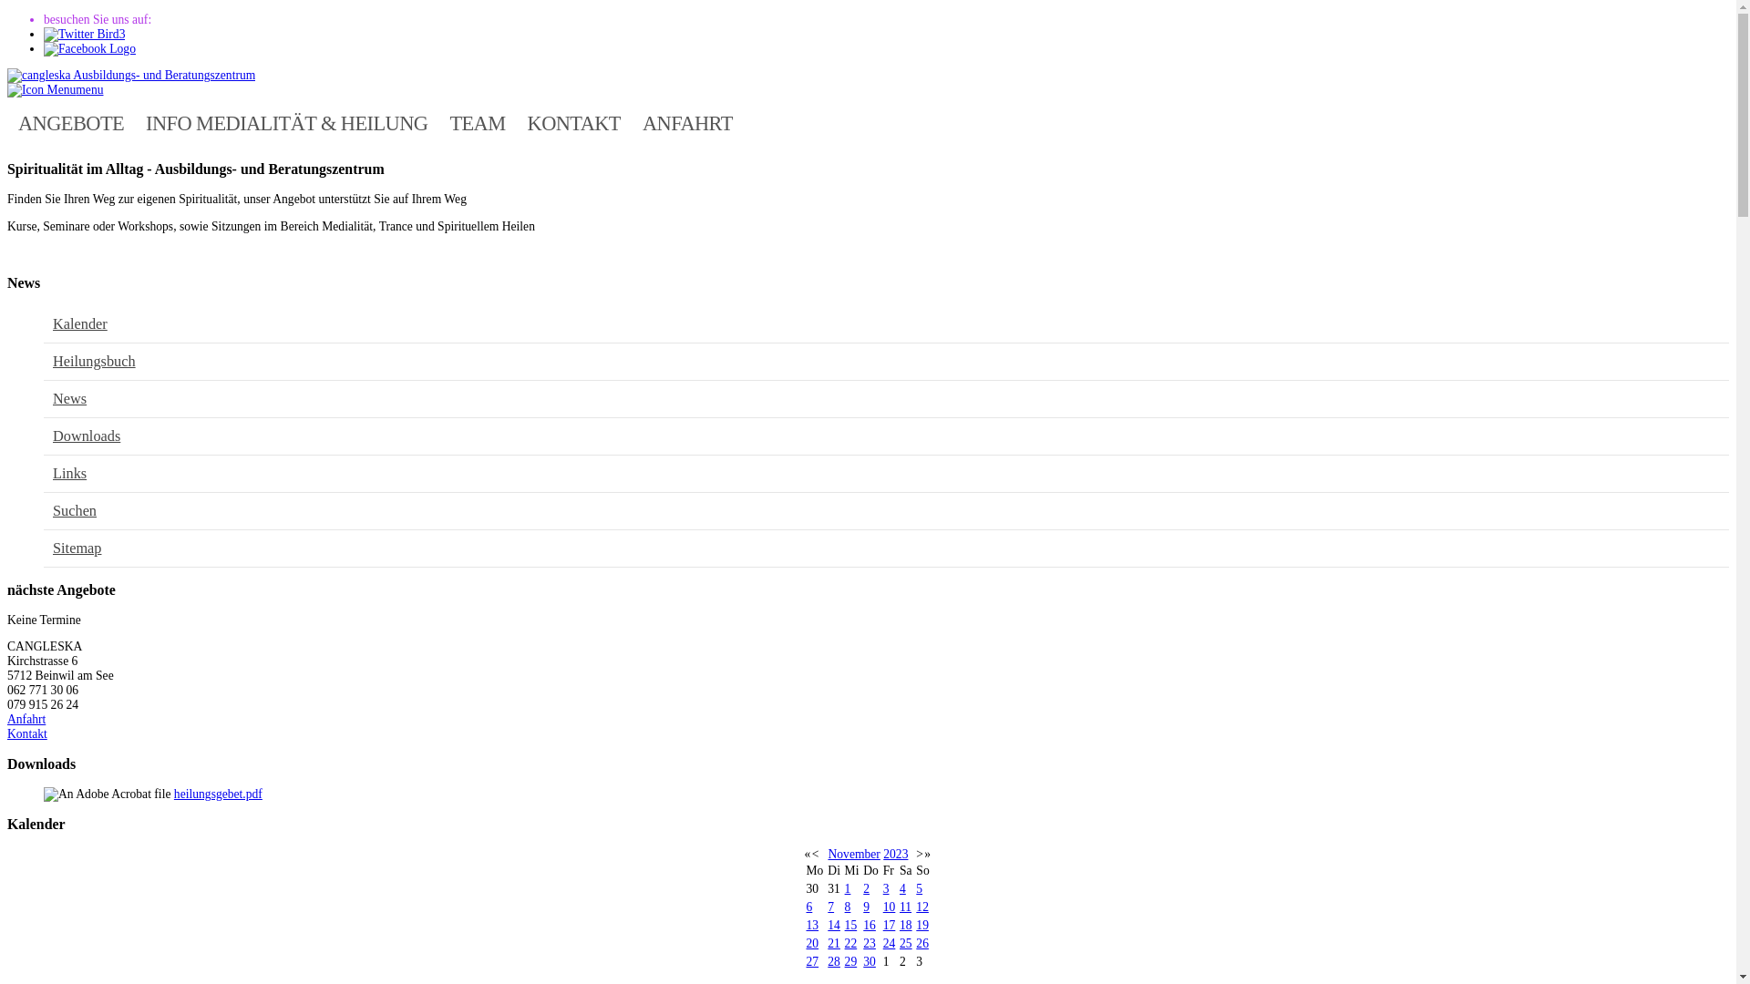  I want to click on 'Links', so click(69, 472).